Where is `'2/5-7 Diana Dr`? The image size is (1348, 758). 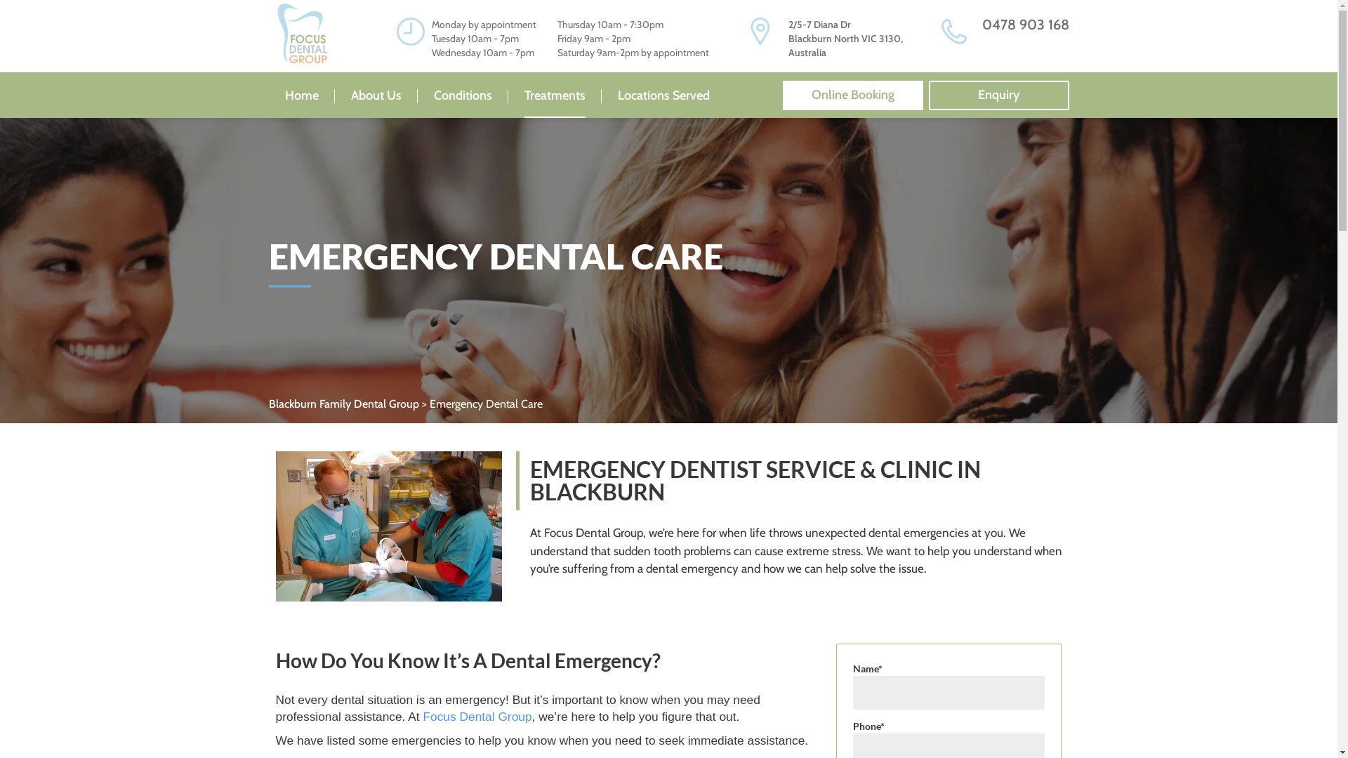 '2/5-7 Diana Dr is located at coordinates (788, 37).